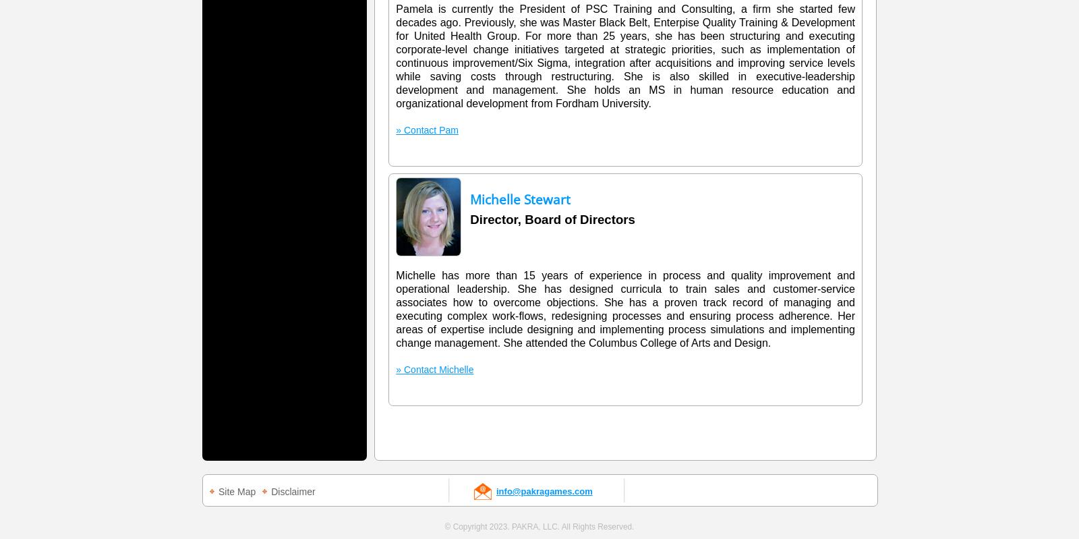 This screenshot has width=1079, height=539. What do you see at coordinates (469, 219) in the screenshot?
I see `'Director, Board of Directors'` at bounding box center [469, 219].